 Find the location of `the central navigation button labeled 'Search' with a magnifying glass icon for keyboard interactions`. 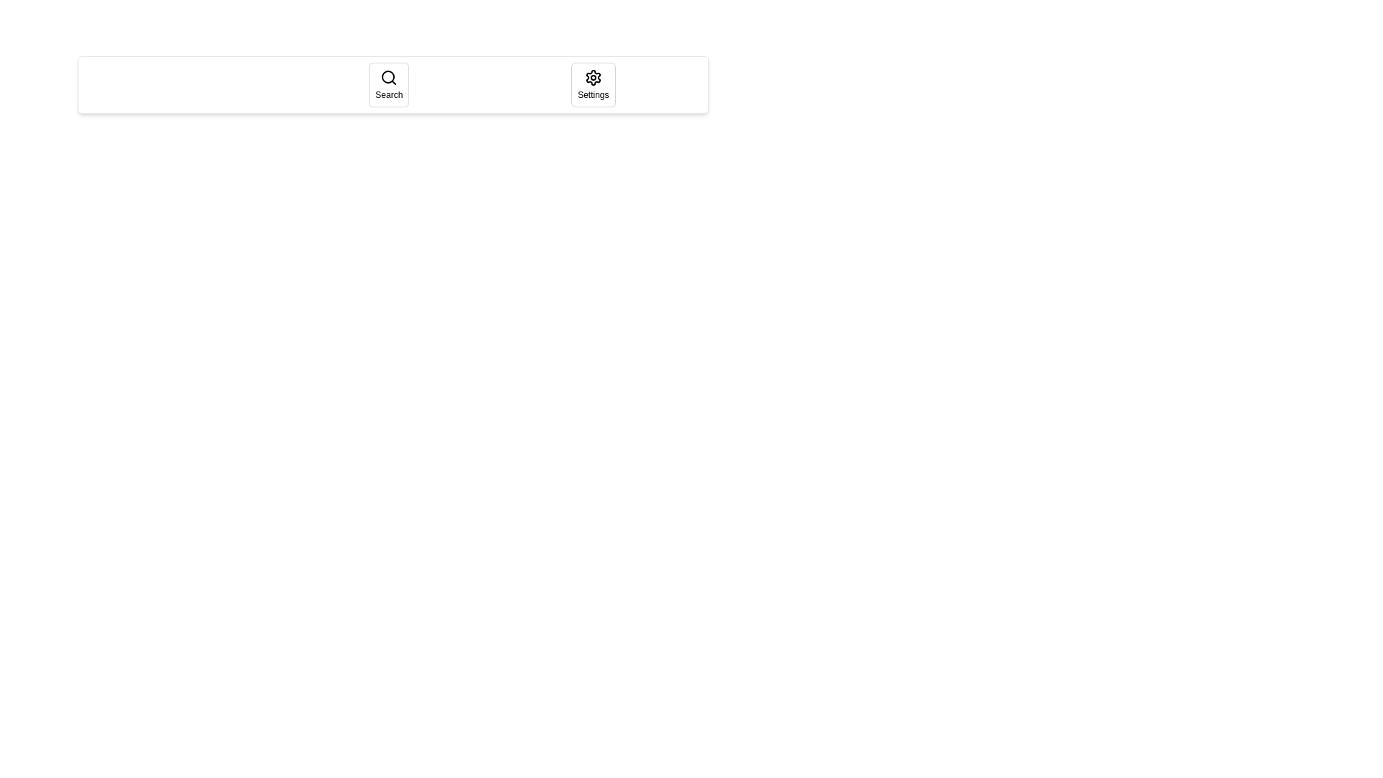

the central navigation button labeled 'Search' with a magnifying glass icon for keyboard interactions is located at coordinates (393, 85).